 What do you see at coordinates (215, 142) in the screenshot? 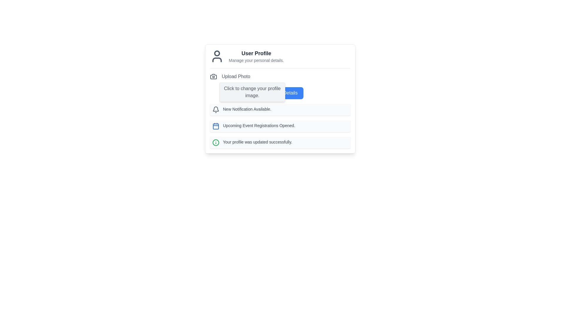
I see `the circular green outlined icon with an i-symbol, located to the left of the text 'Your profile was updated successfully.'` at bounding box center [215, 142].